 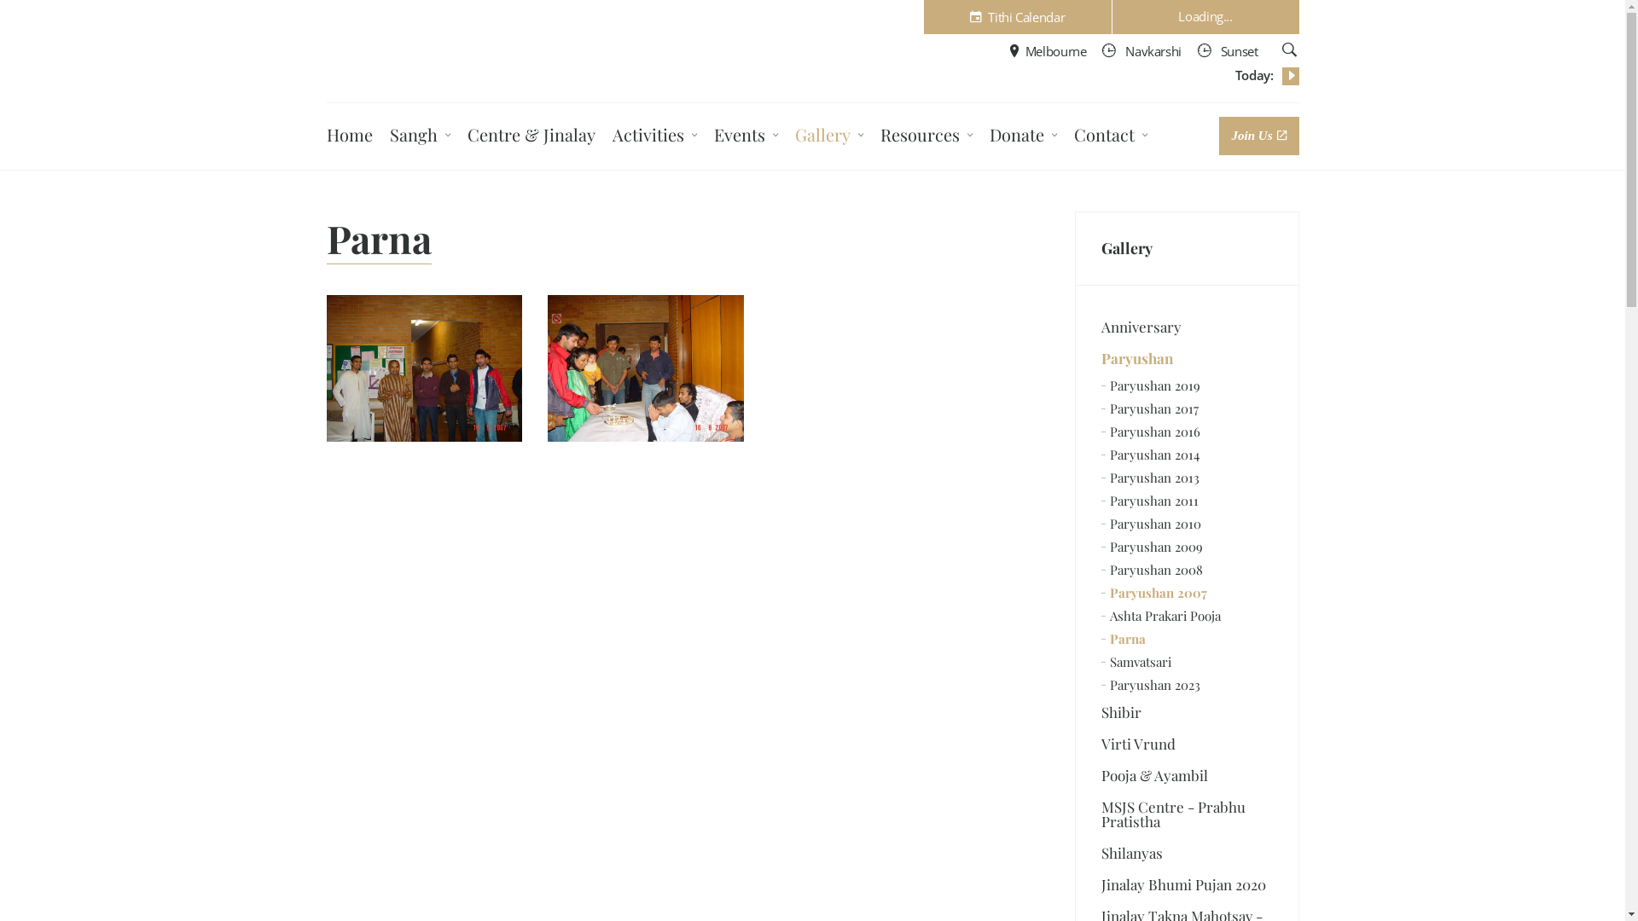 I want to click on 'Paryushan', so click(x=1186, y=357).